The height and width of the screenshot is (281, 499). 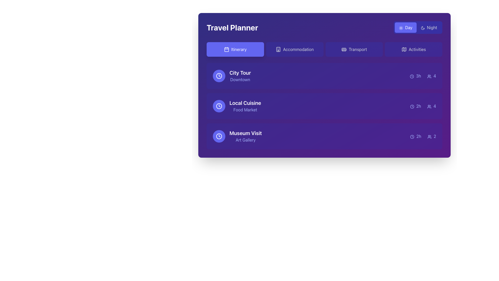 What do you see at coordinates (344, 49) in the screenshot?
I see `the bus base section icon located within the 'Transport' button in the header navigation of the user interface` at bounding box center [344, 49].